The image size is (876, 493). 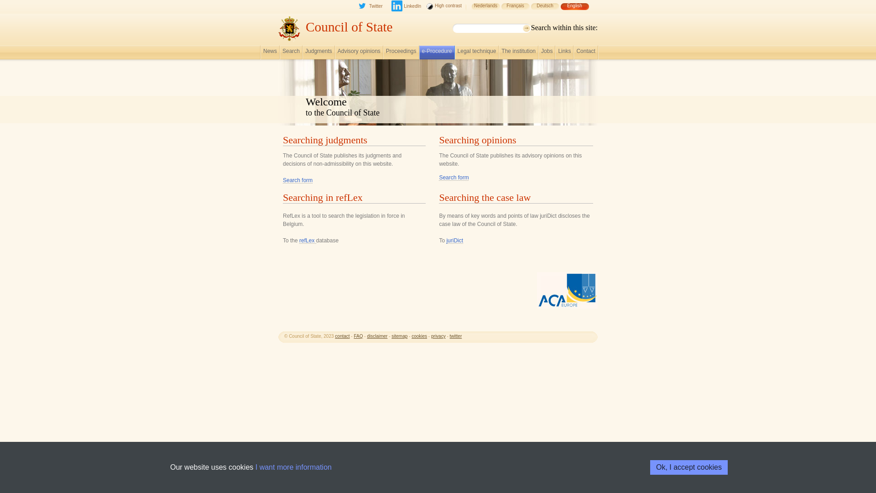 I want to click on 'Judgments', so click(x=318, y=53).